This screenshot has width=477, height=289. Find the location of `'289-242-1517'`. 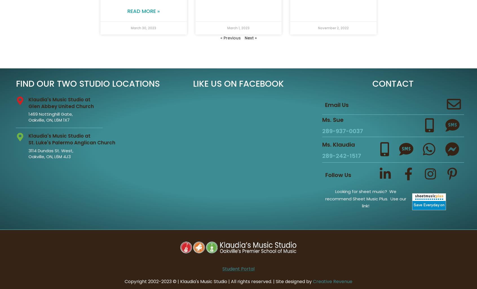

'289-242-1517' is located at coordinates (341, 155).